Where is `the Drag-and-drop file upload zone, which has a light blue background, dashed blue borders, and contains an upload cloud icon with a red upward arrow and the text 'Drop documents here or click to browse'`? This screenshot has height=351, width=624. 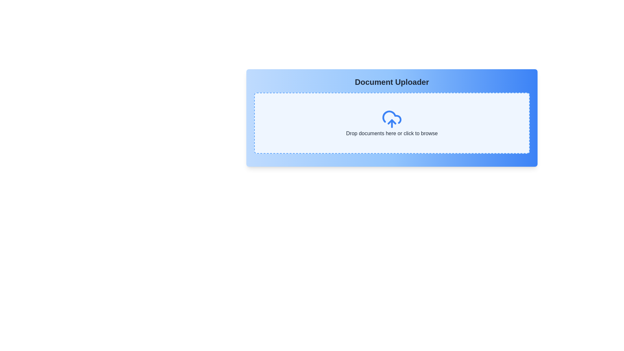
the Drag-and-drop file upload zone, which has a light blue background, dashed blue borders, and contains an upload cloud icon with a red upward arrow and the text 'Drop documents here or click to browse' is located at coordinates (391, 123).